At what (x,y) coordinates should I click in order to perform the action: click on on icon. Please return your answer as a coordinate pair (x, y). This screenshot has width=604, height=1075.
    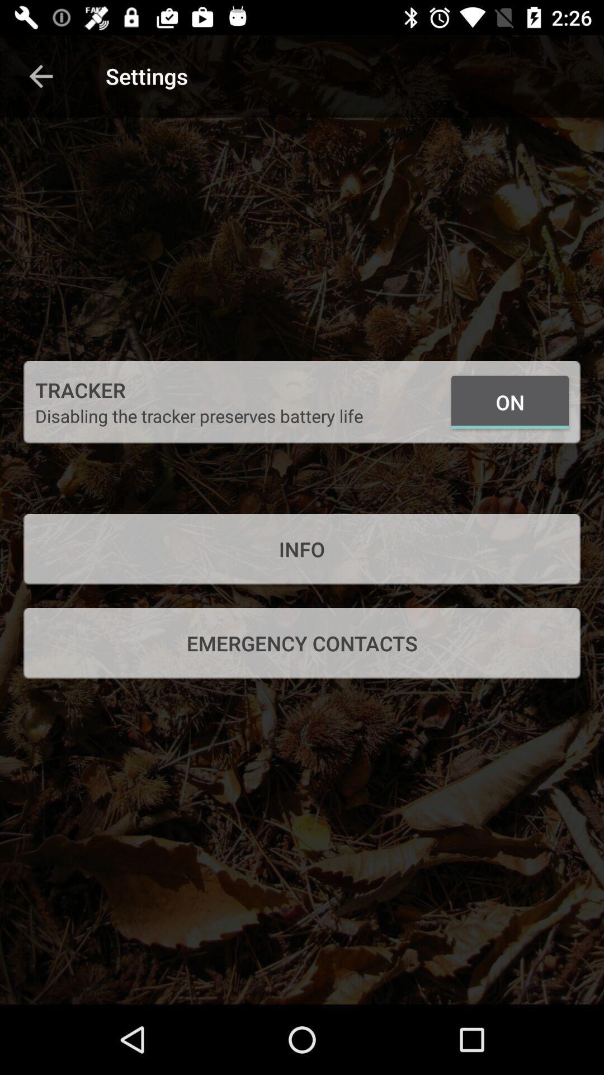
    Looking at the image, I should click on (509, 402).